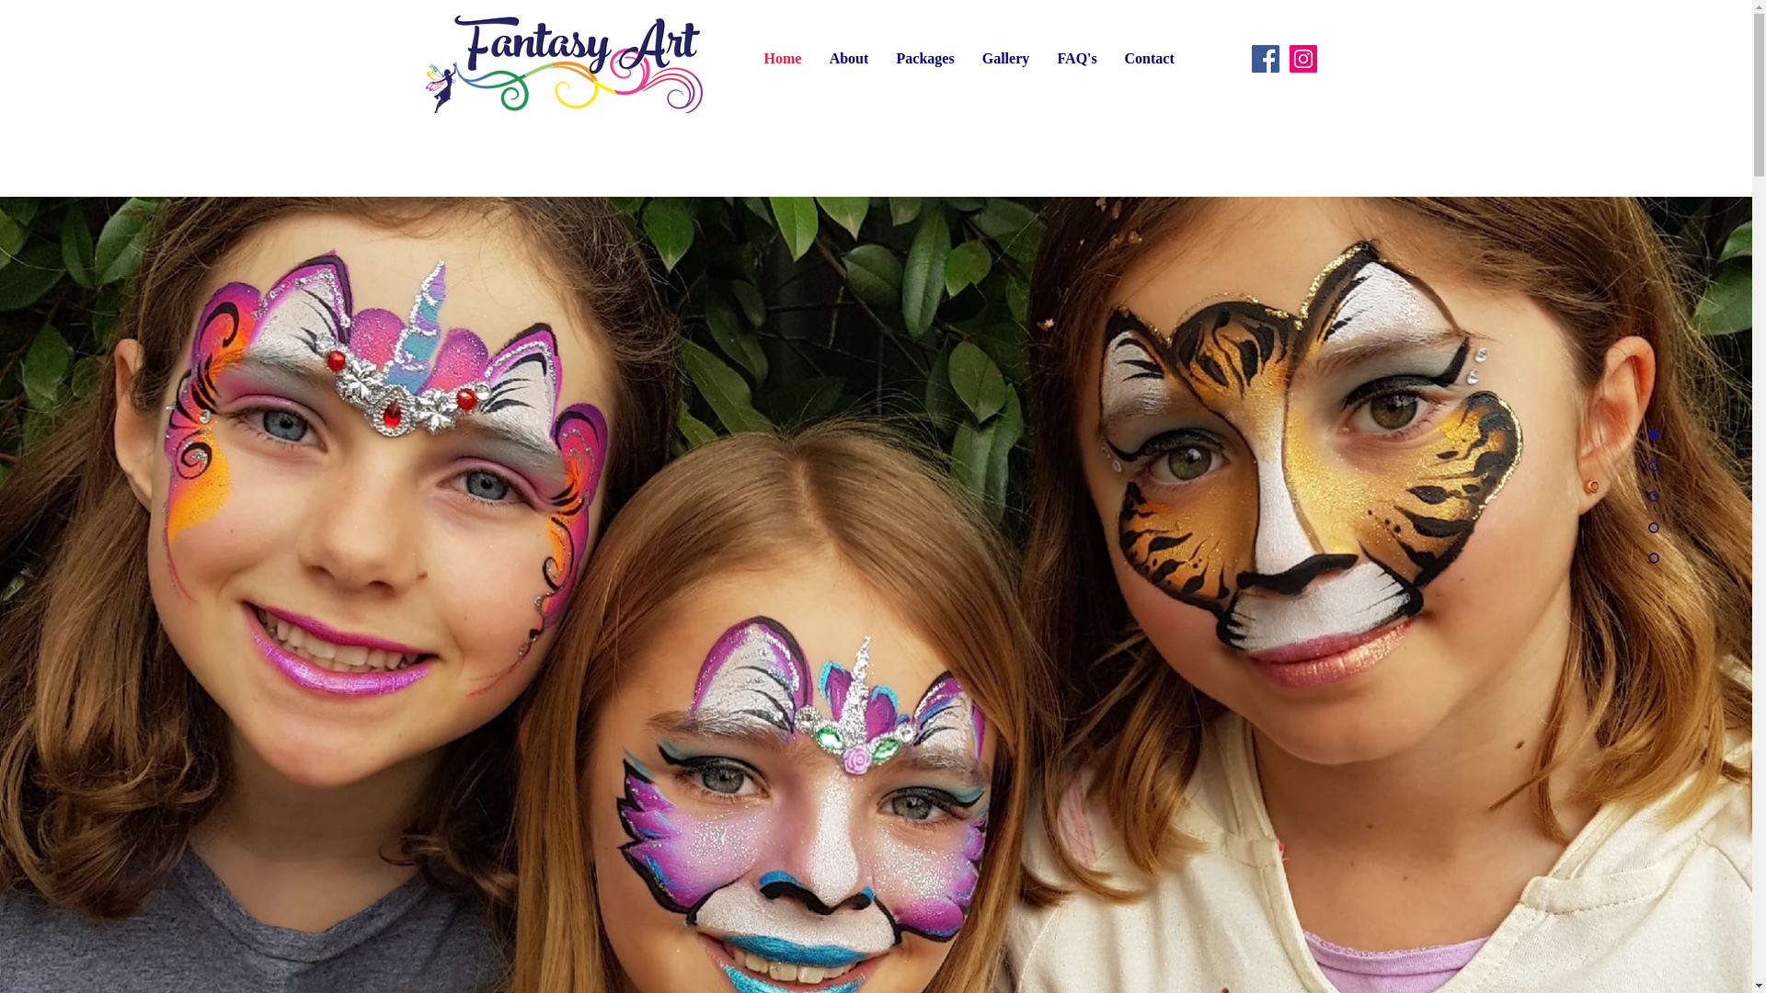 The height and width of the screenshot is (993, 1766). Describe the element at coordinates (1148, 58) in the screenshot. I see `'Contact'` at that location.